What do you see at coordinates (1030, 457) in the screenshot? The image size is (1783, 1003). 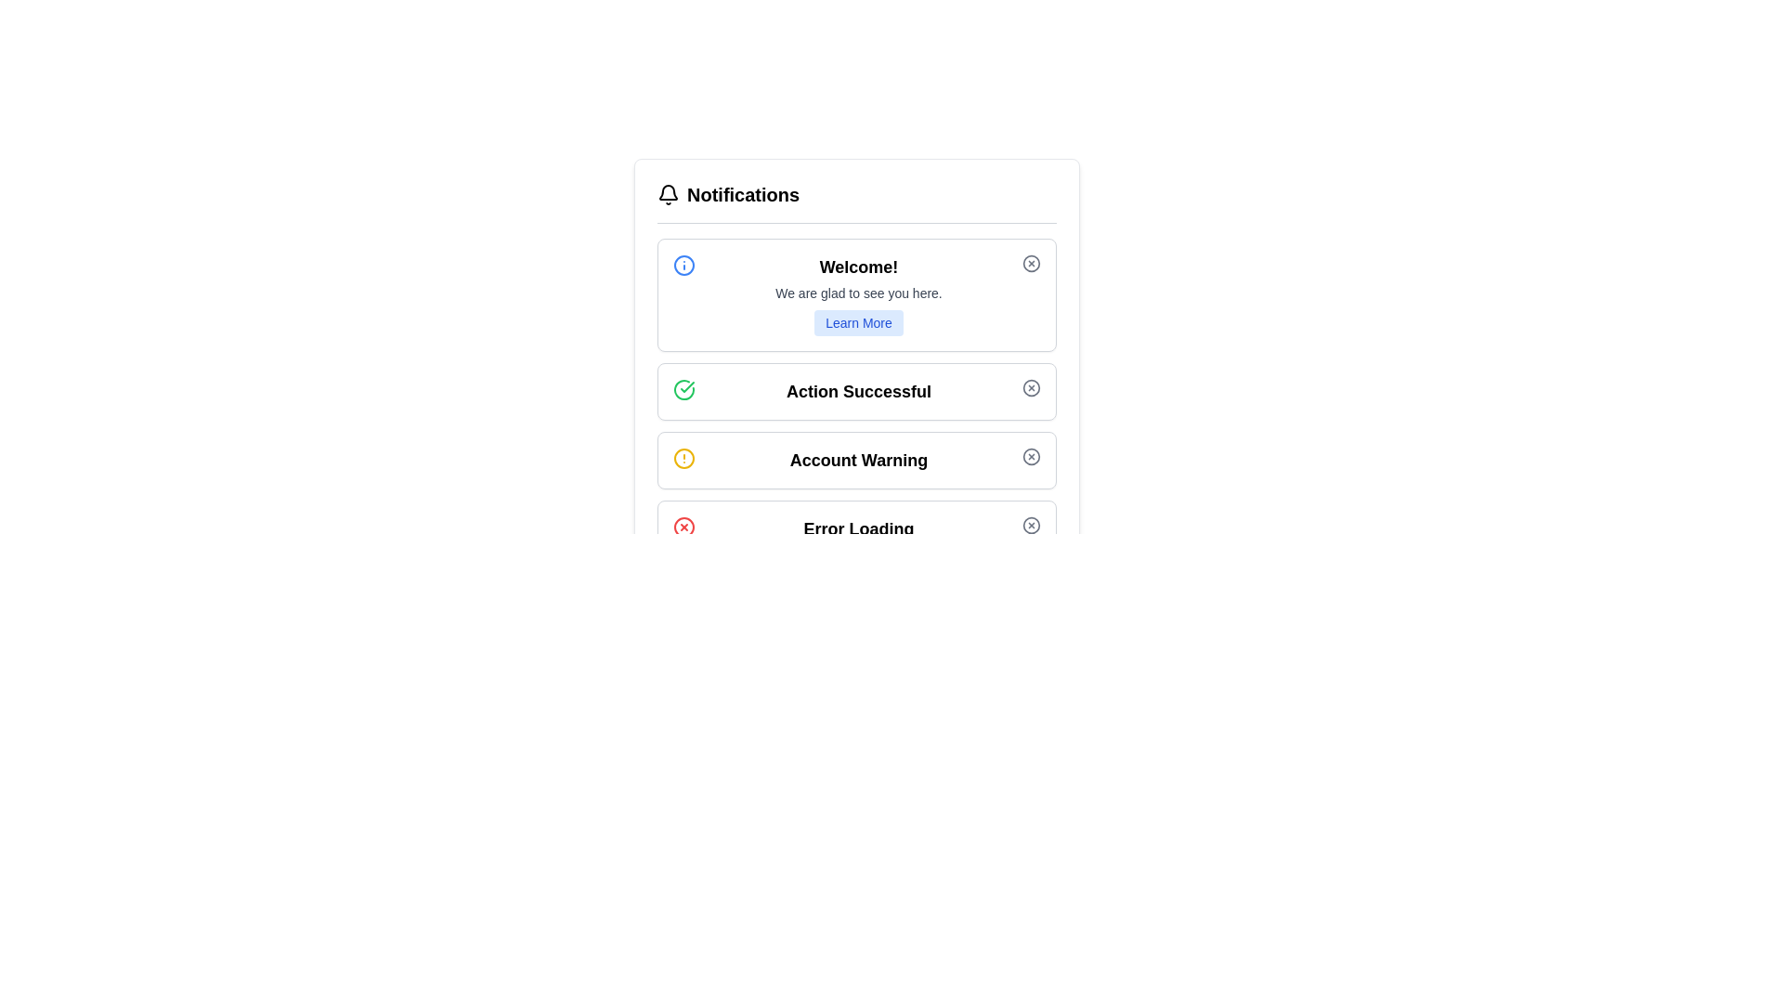 I see `the SVG circle element representing the 'circle-x' icon within the notification interface` at bounding box center [1030, 457].